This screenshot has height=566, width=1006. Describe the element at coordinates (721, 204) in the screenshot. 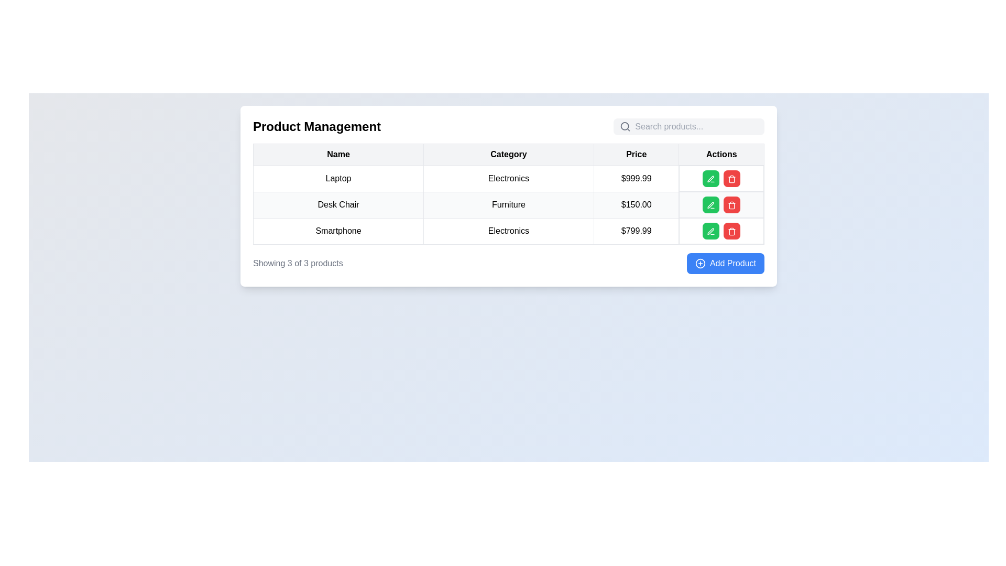

I see `the green button` at that location.